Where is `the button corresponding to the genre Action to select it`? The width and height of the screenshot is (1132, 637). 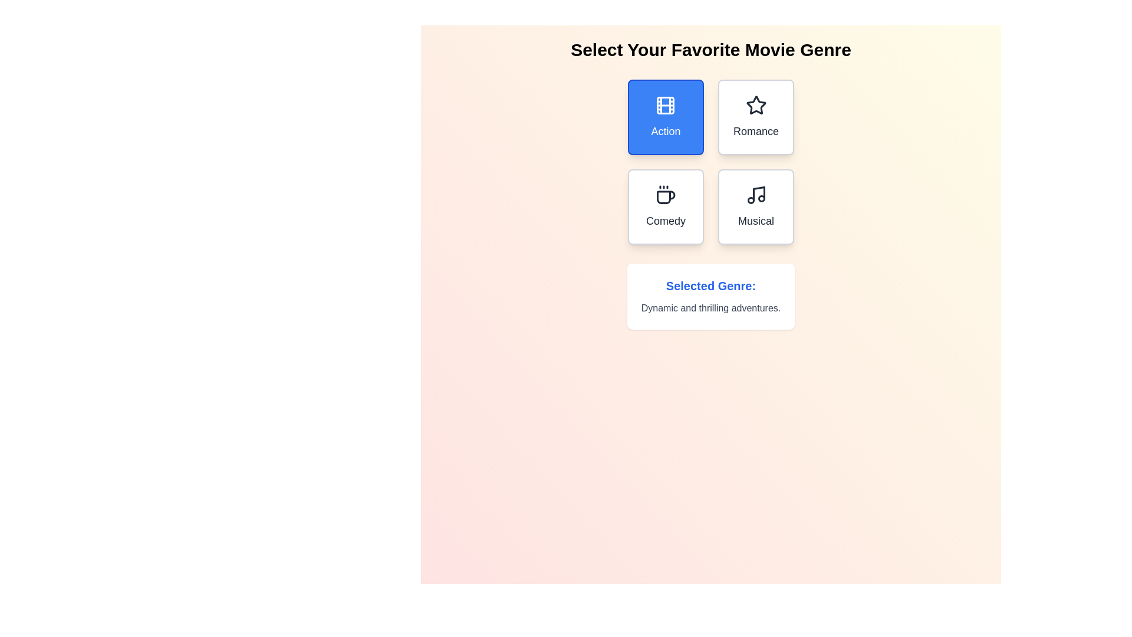
the button corresponding to the genre Action to select it is located at coordinates (666, 117).